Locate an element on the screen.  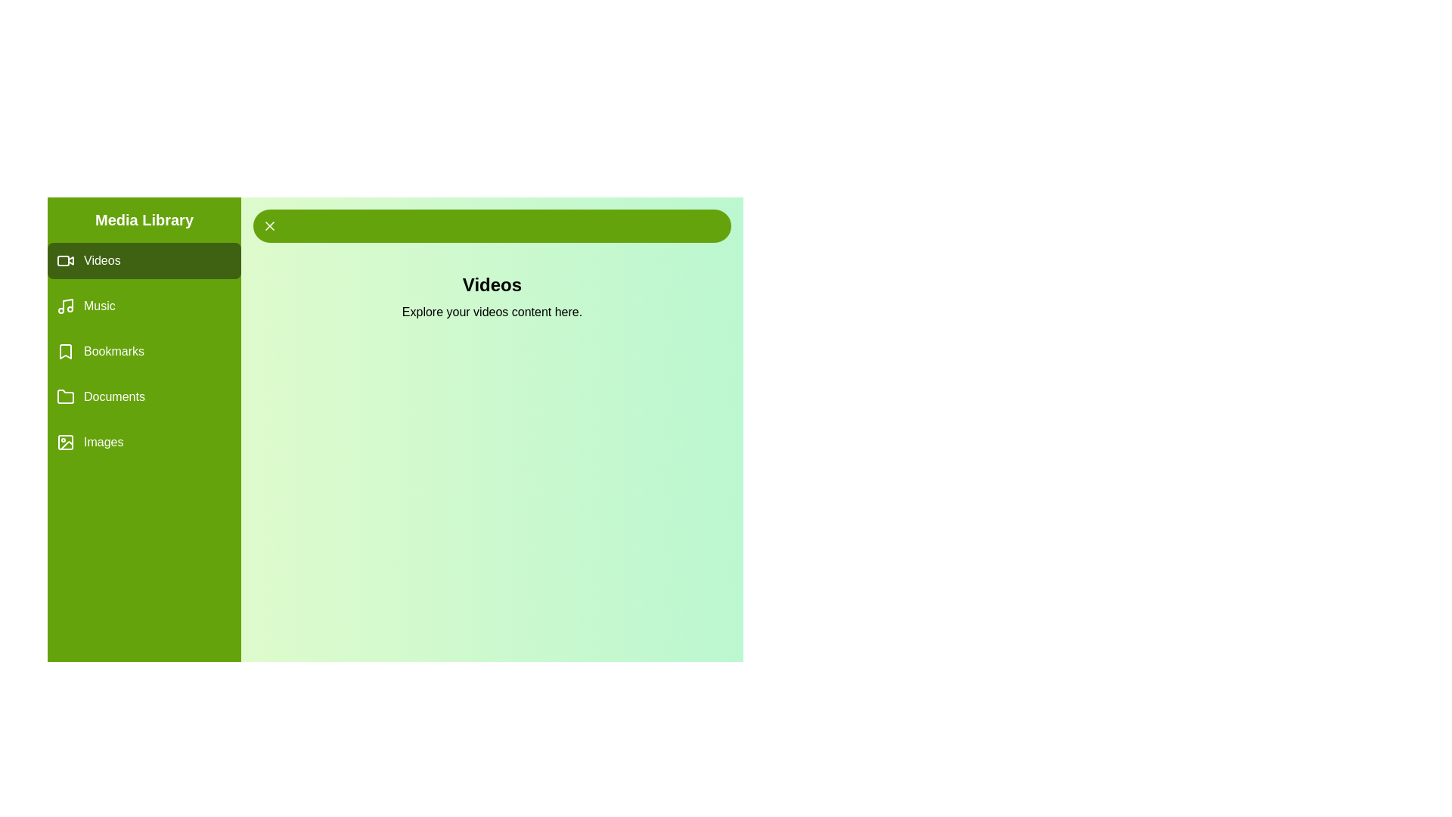
the content area of the selected tab to read the displayed information is located at coordinates (492, 297).